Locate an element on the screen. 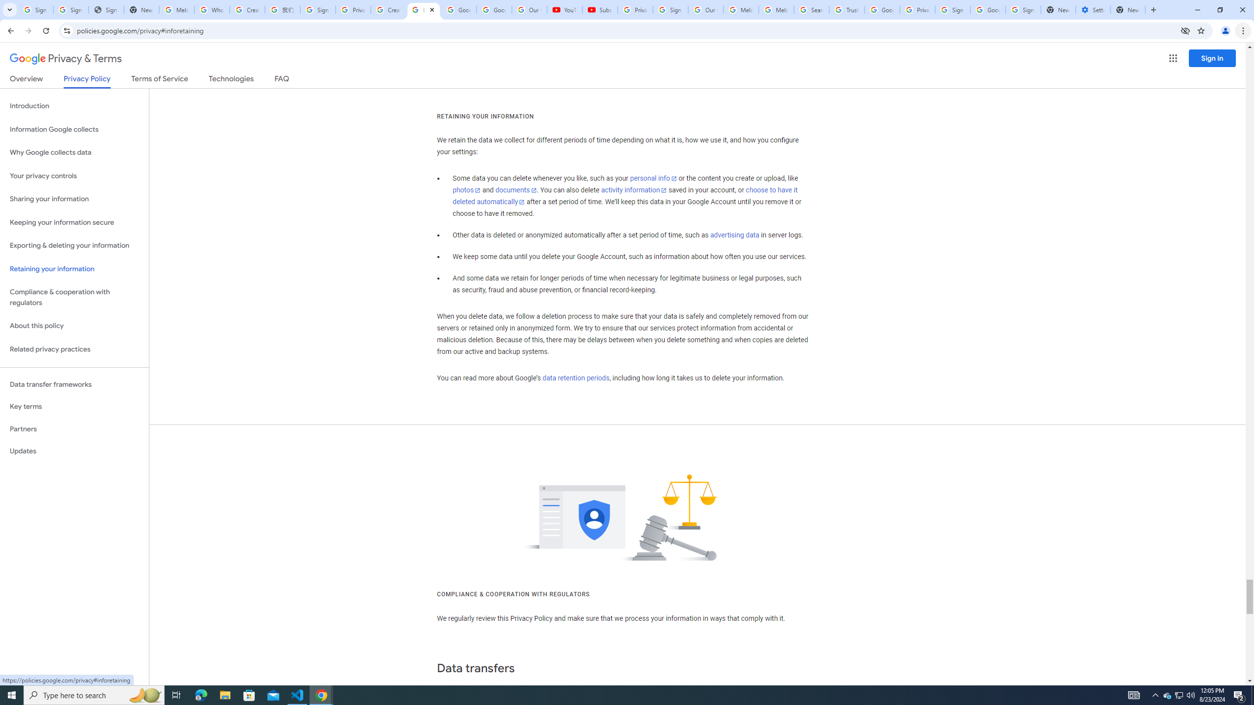 The image size is (1254, 705). 'FAQ' is located at coordinates (282, 80).